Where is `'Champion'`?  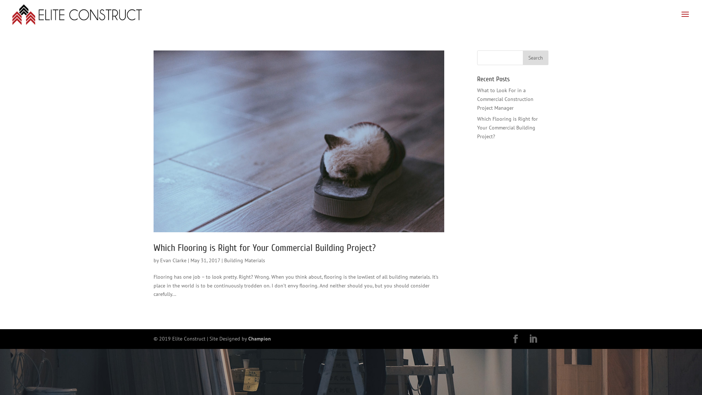
'Champion' is located at coordinates (260, 338).